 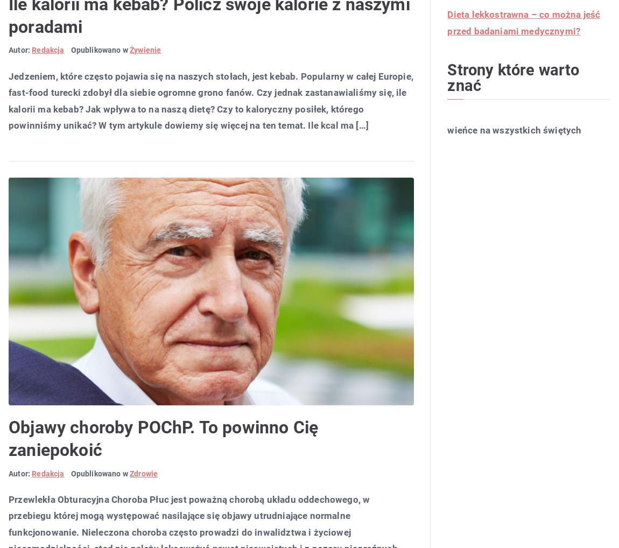 I want to click on 'Żywienie', so click(x=145, y=50).